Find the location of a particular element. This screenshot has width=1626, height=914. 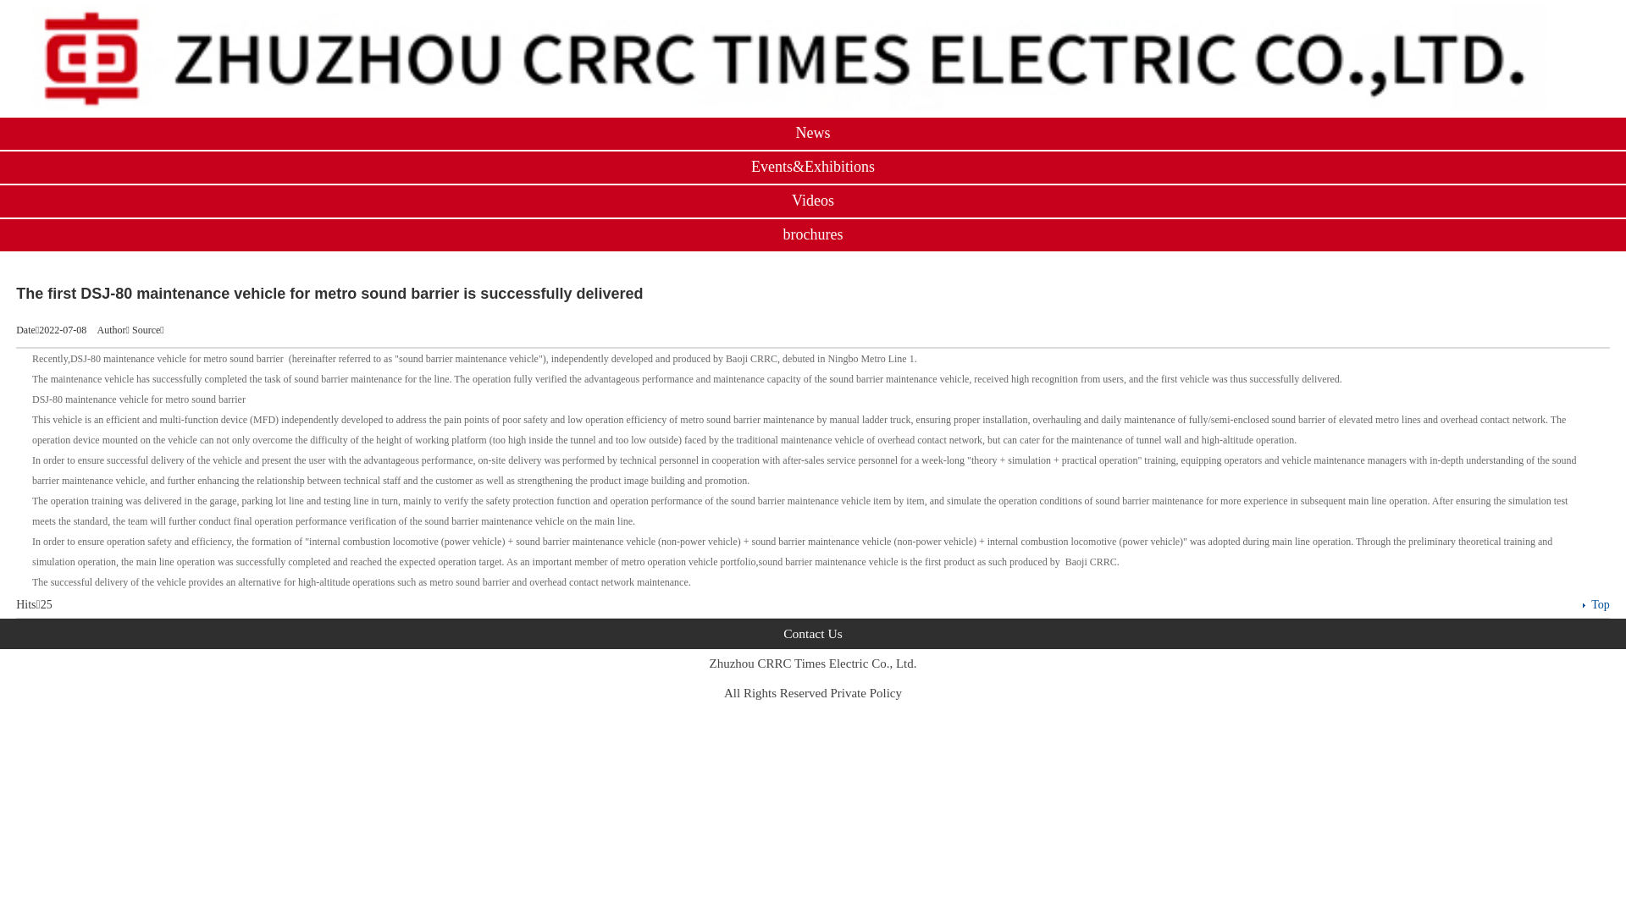

'brochures' is located at coordinates (811, 234).